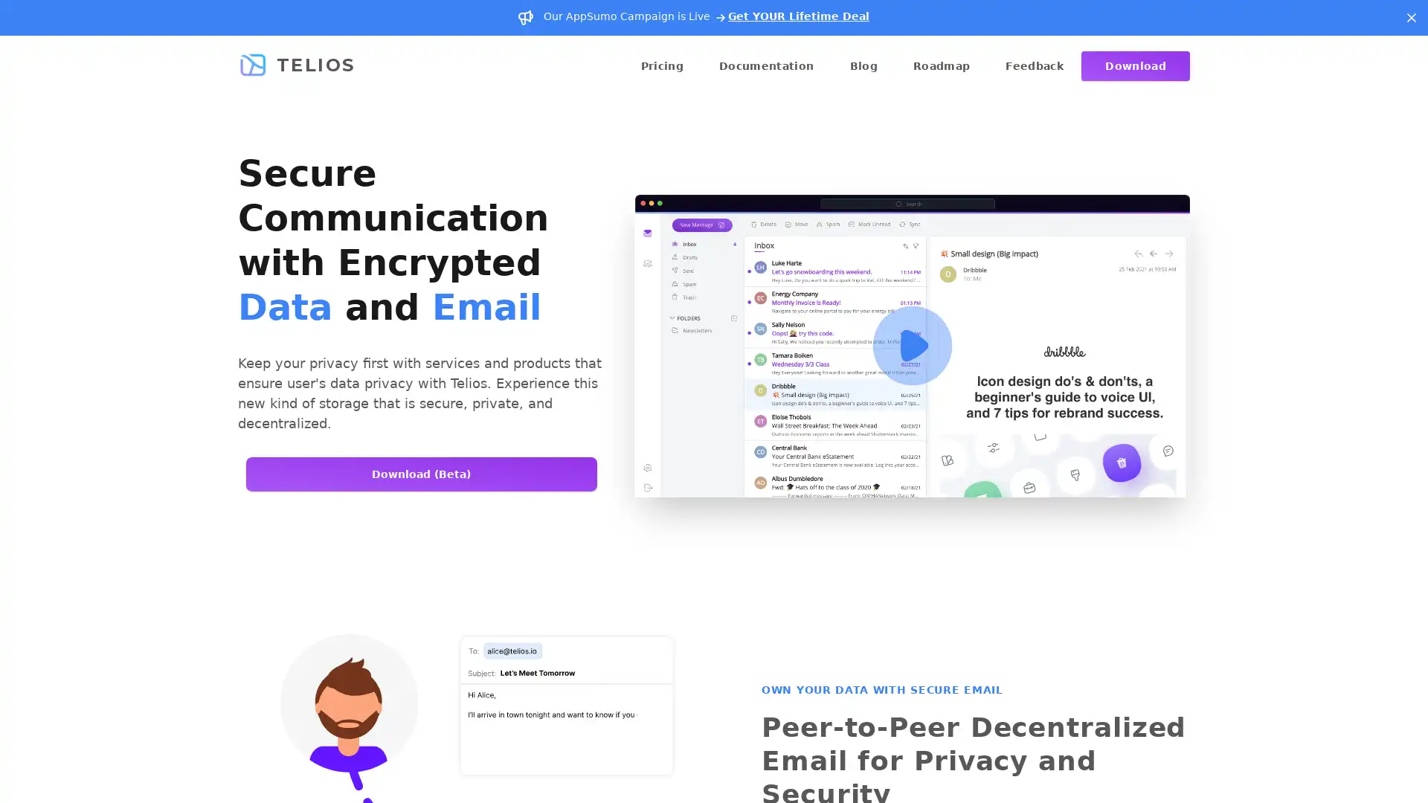 This screenshot has height=803, width=1428. Describe the element at coordinates (1410, 17) in the screenshot. I see `Dismiss` at that location.